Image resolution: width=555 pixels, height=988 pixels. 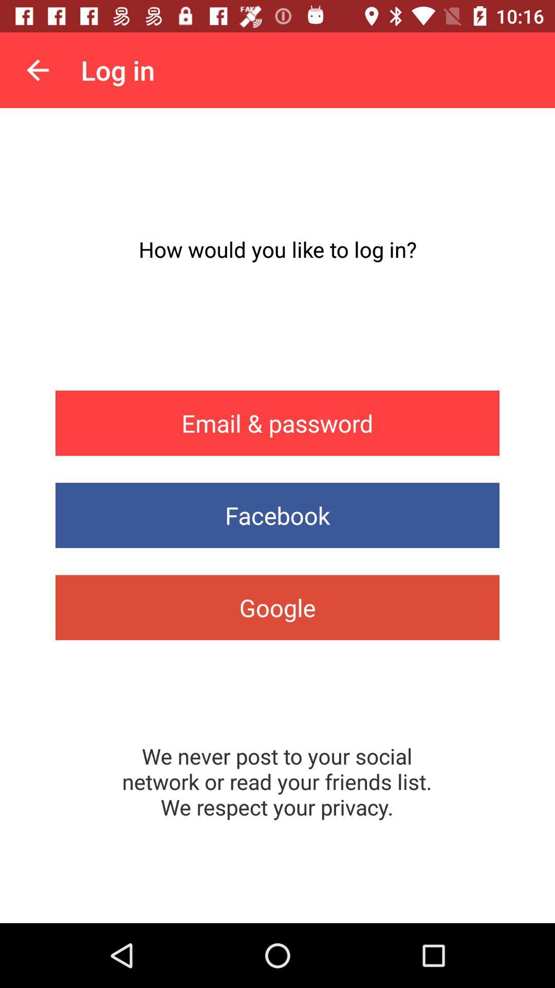 What do you see at coordinates (277, 423) in the screenshot?
I see `the email & password` at bounding box center [277, 423].